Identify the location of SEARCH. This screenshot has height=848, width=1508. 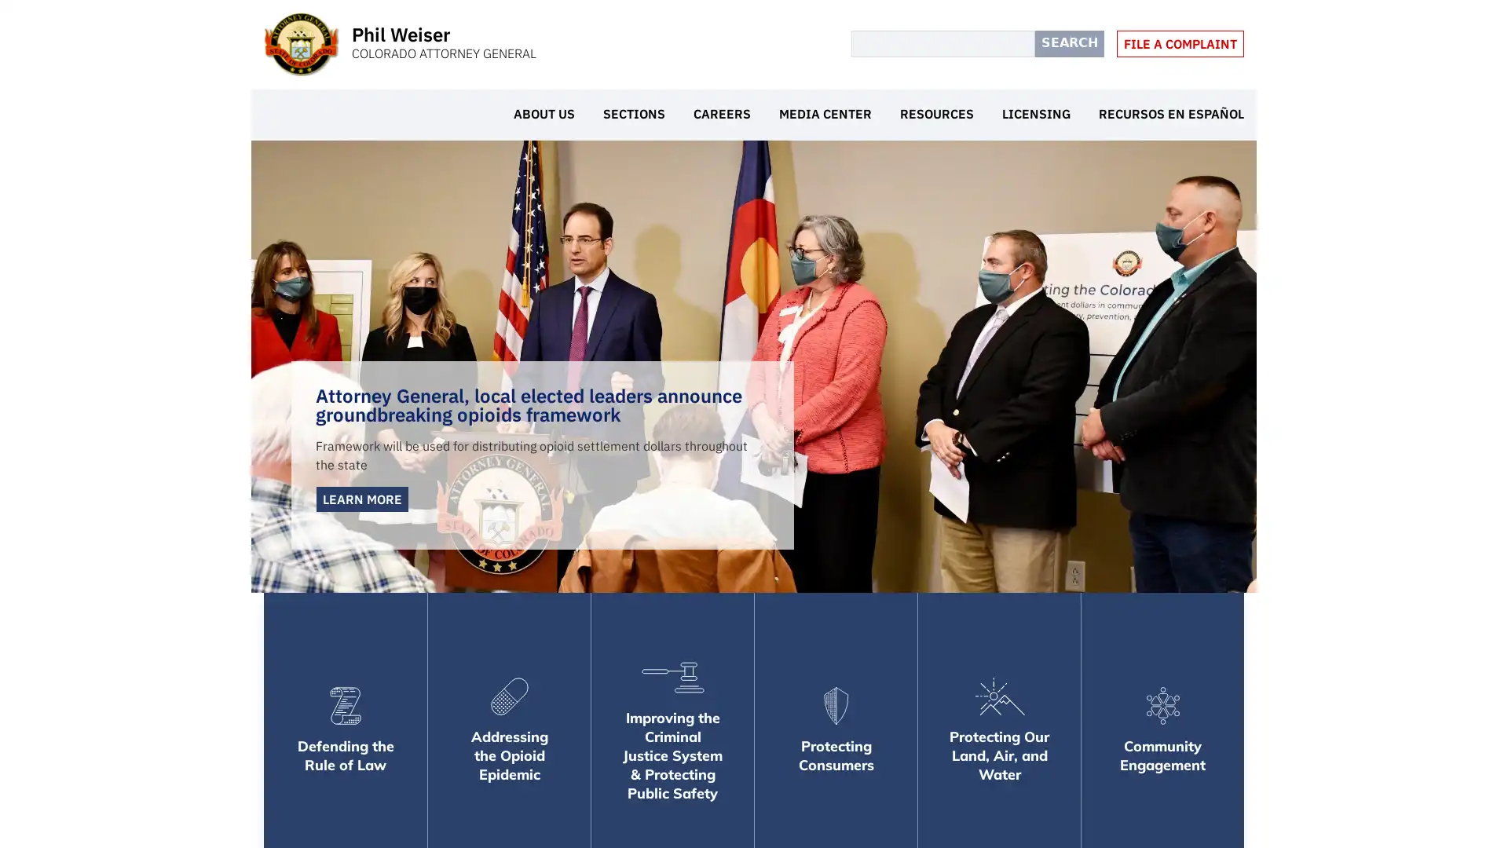
(1069, 43).